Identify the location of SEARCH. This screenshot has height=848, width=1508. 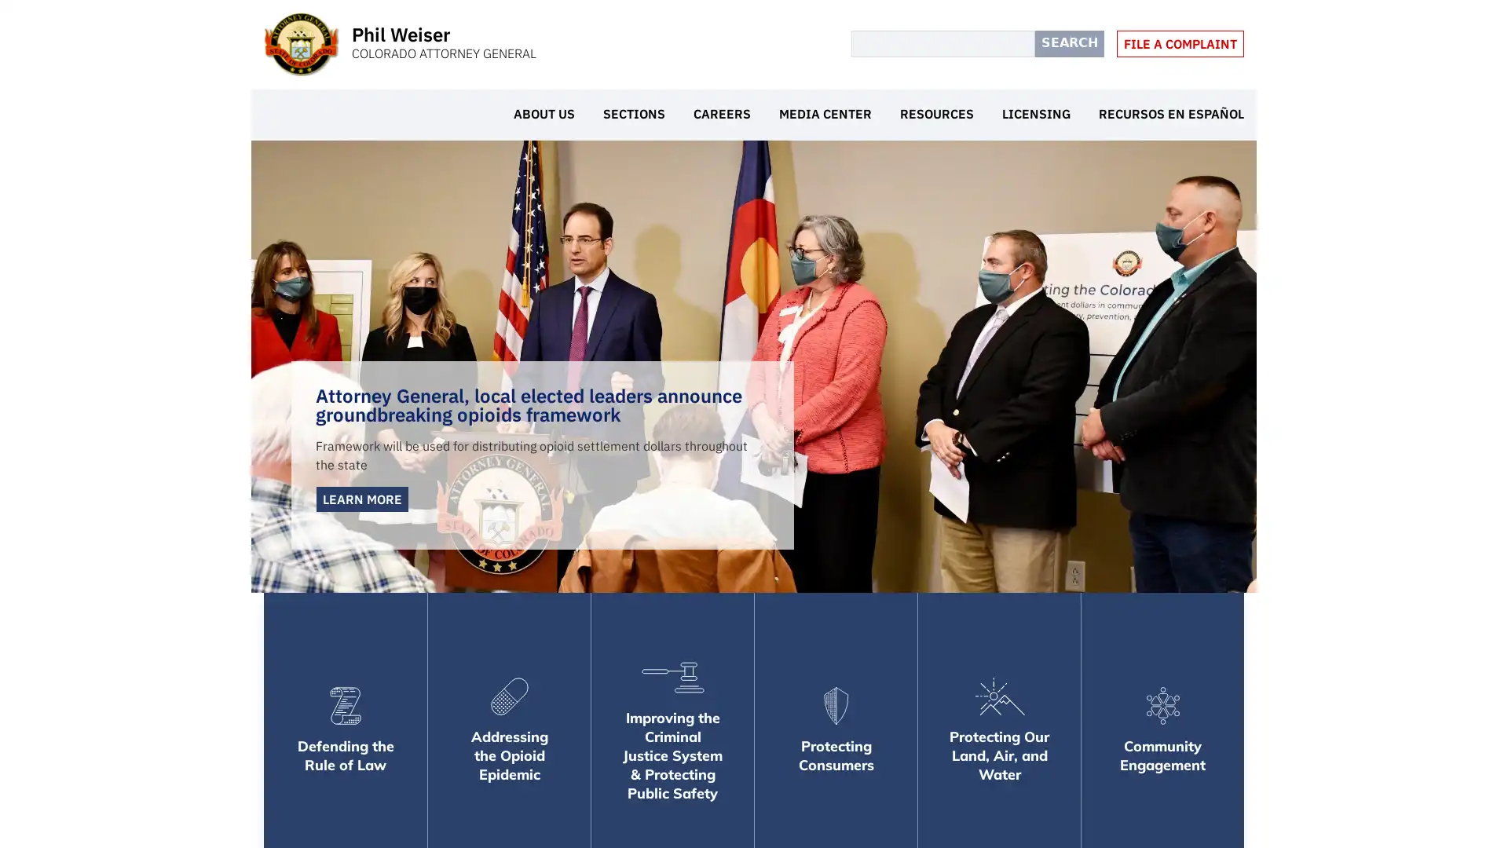
(1069, 43).